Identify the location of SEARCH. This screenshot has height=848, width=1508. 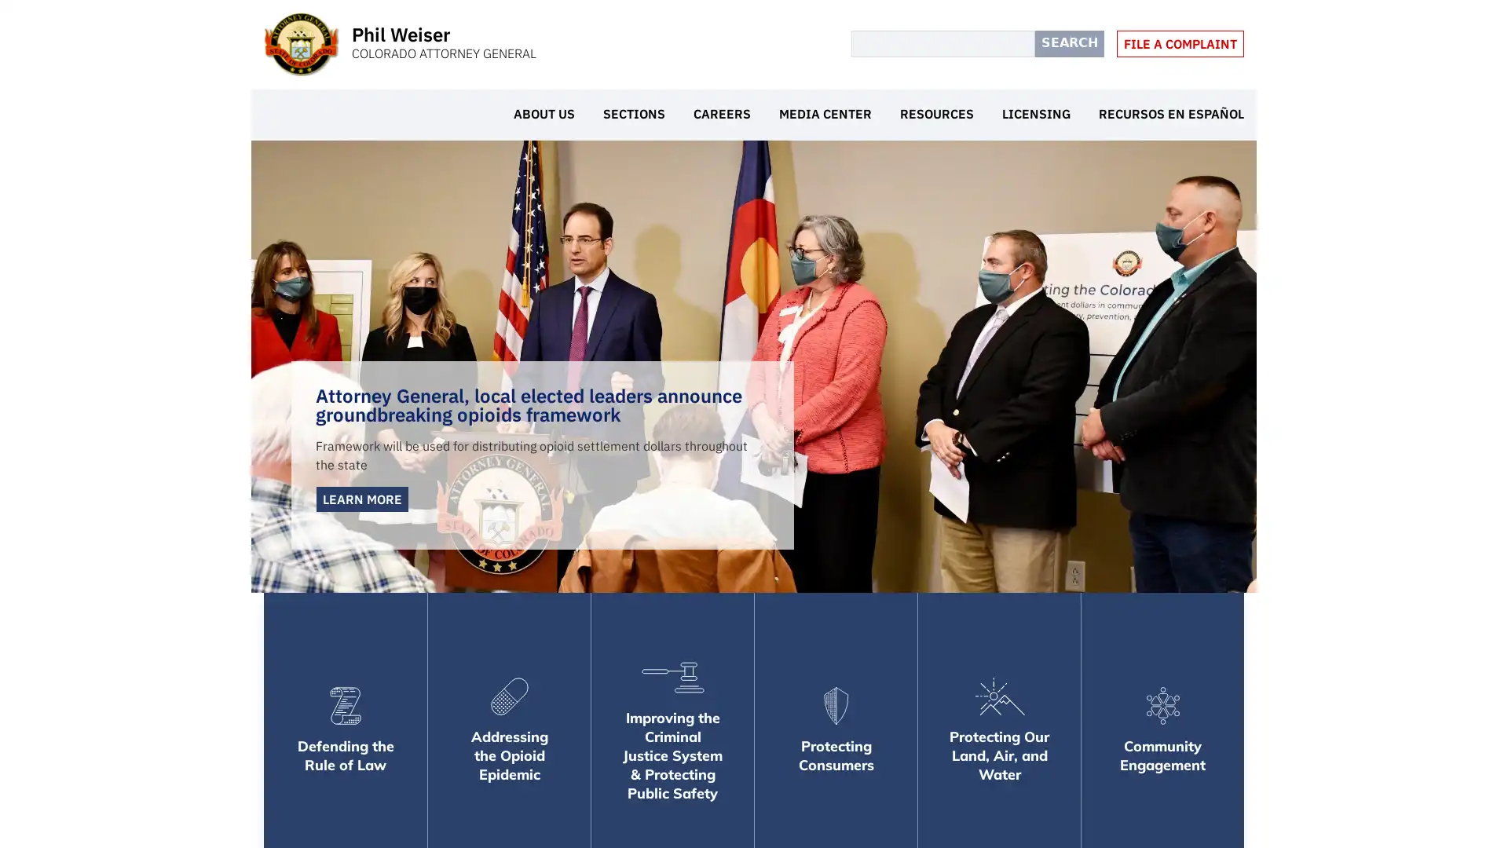
(1069, 43).